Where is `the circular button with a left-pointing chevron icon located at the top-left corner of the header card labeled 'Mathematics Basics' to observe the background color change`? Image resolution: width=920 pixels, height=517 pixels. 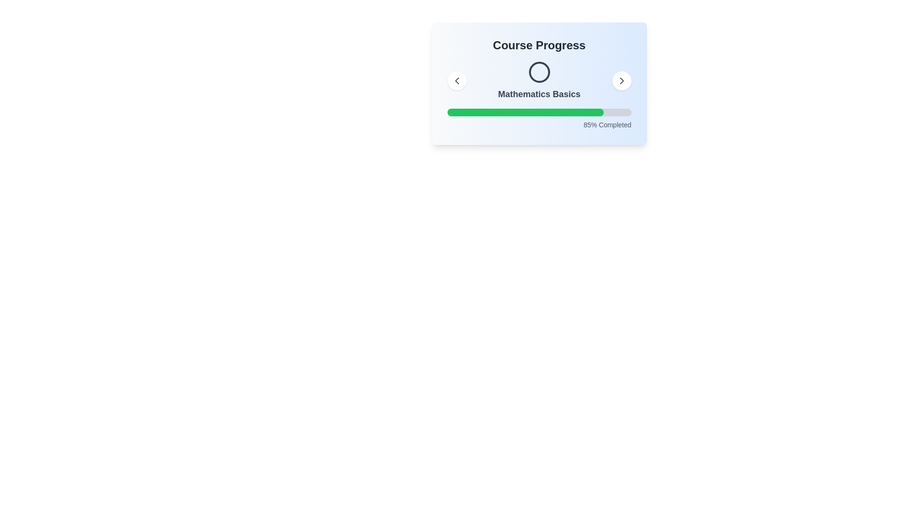 the circular button with a left-pointing chevron icon located at the top-left corner of the header card labeled 'Mathematics Basics' to observe the background color change is located at coordinates (456, 80).